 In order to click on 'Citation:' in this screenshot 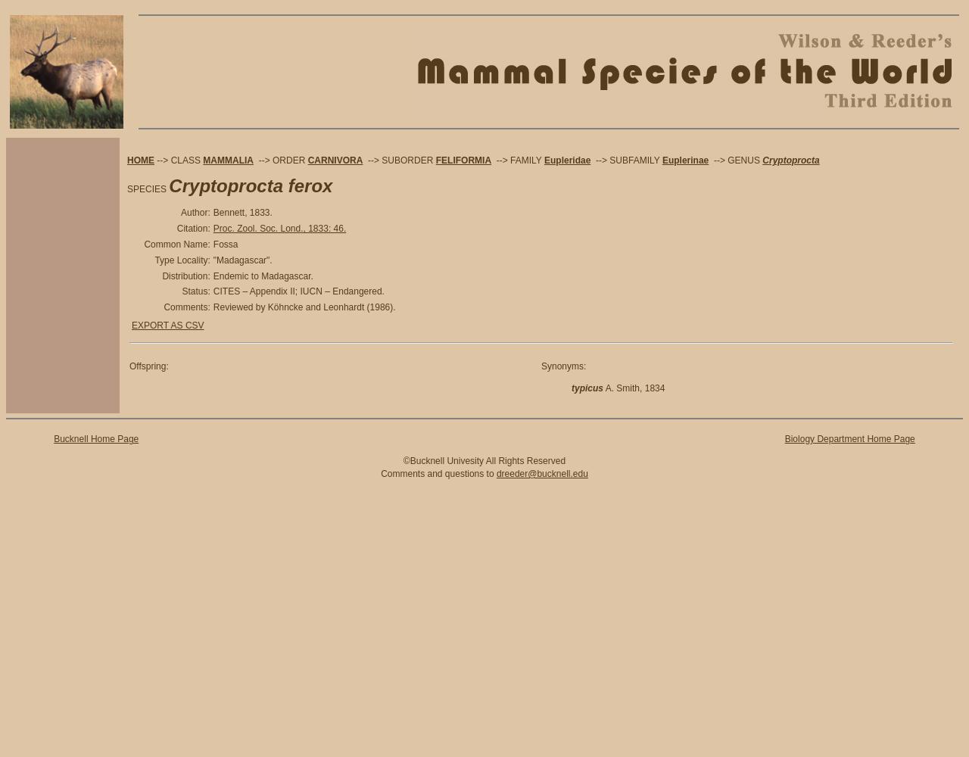, I will do `click(192, 229)`.